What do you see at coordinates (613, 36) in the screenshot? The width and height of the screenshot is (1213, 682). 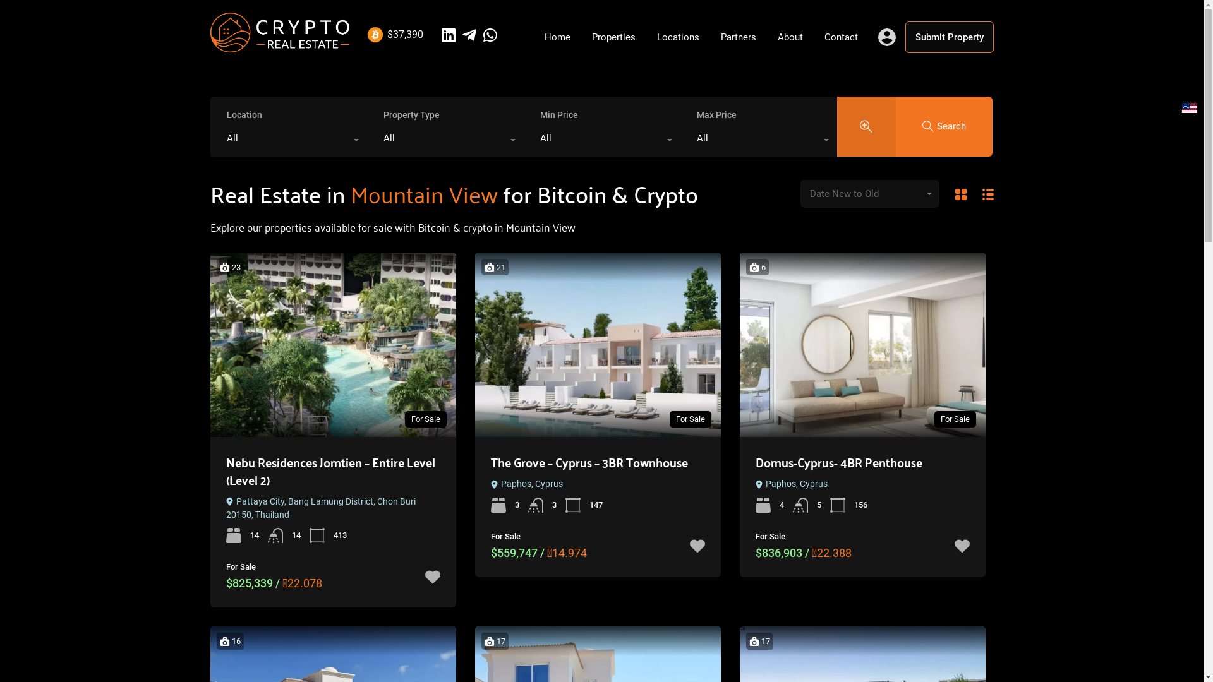 I see `'Properties'` at bounding box center [613, 36].